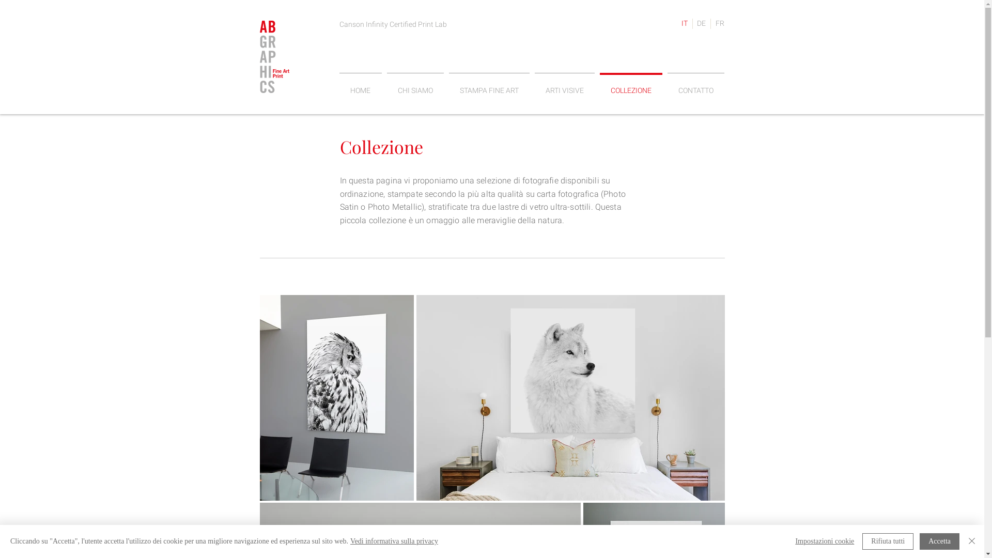 Image resolution: width=992 pixels, height=558 pixels. What do you see at coordinates (677, 23) in the screenshot?
I see `'IT'` at bounding box center [677, 23].